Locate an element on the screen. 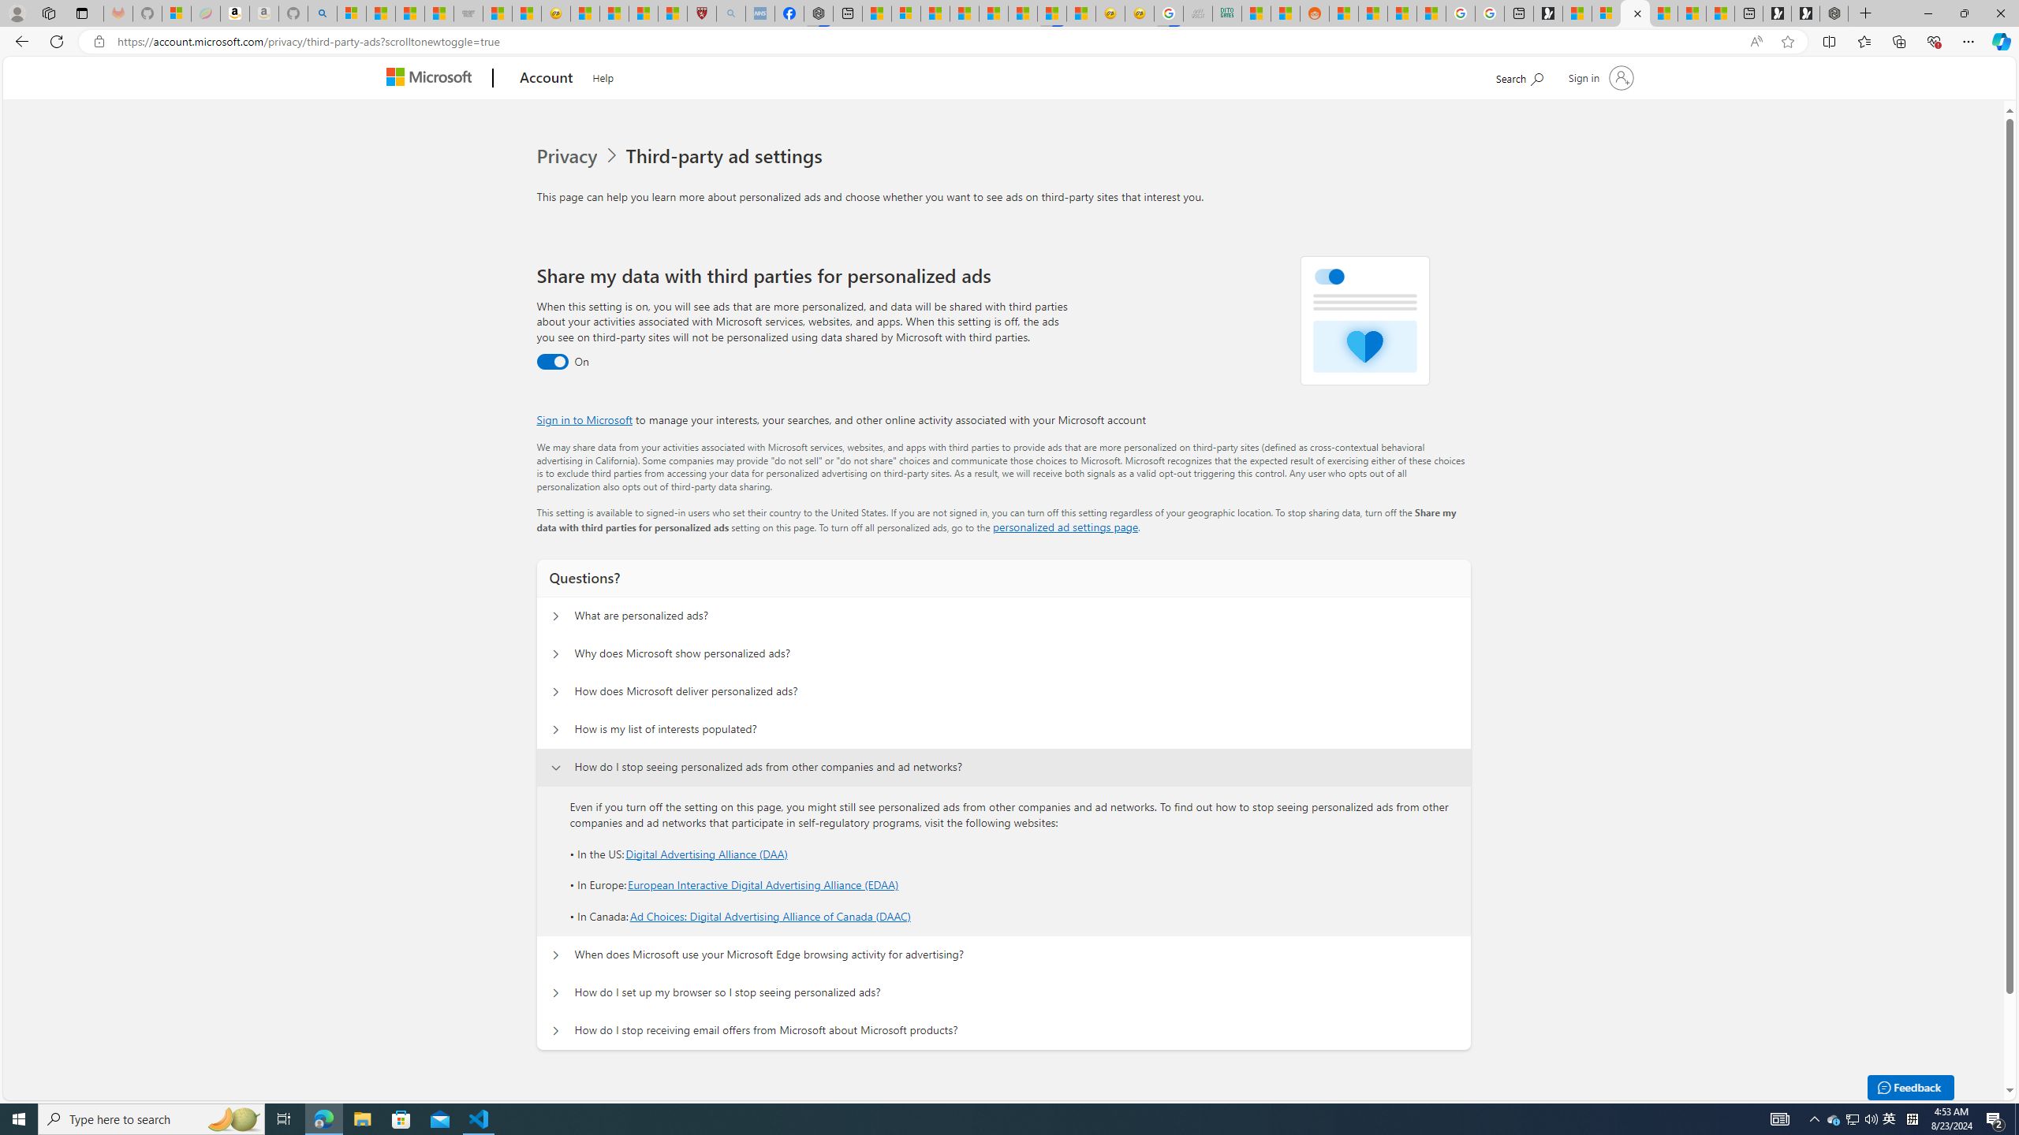 This screenshot has width=2019, height=1135. 'Nordace - Nordace Siena Is Not An Ordinary Backpack' is located at coordinates (1833, 13).